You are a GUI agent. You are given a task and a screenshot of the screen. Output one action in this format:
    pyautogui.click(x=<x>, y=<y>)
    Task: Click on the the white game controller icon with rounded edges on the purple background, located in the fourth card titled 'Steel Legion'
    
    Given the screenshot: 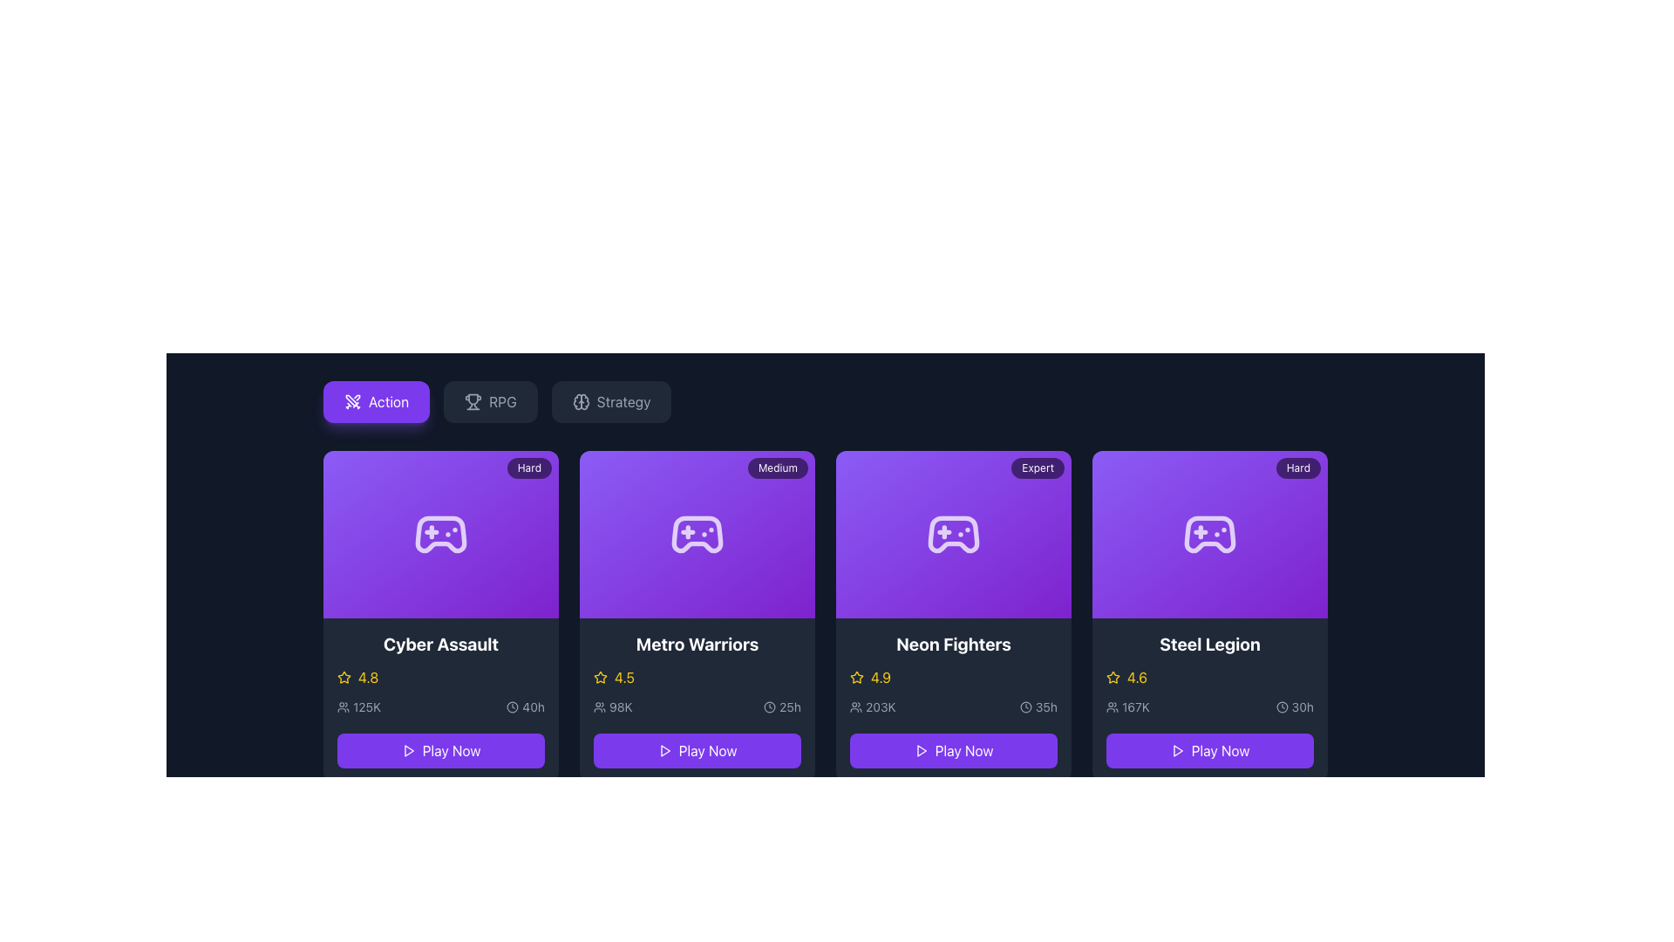 What is the action you would take?
    pyautogui.click(x=1208, y=534)
    